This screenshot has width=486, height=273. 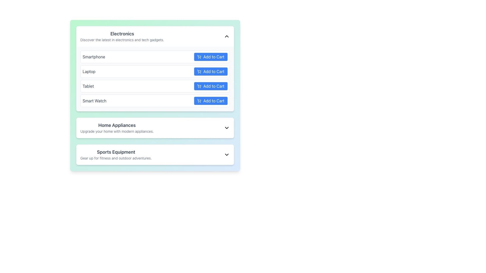 What do you see at coordinates (117, 125) in the screenshot?
I see `the bolded 'Home Appliances' text label, which is styled in dark gray and is centrally aligned in the interface` at bounding box center [117, 125].